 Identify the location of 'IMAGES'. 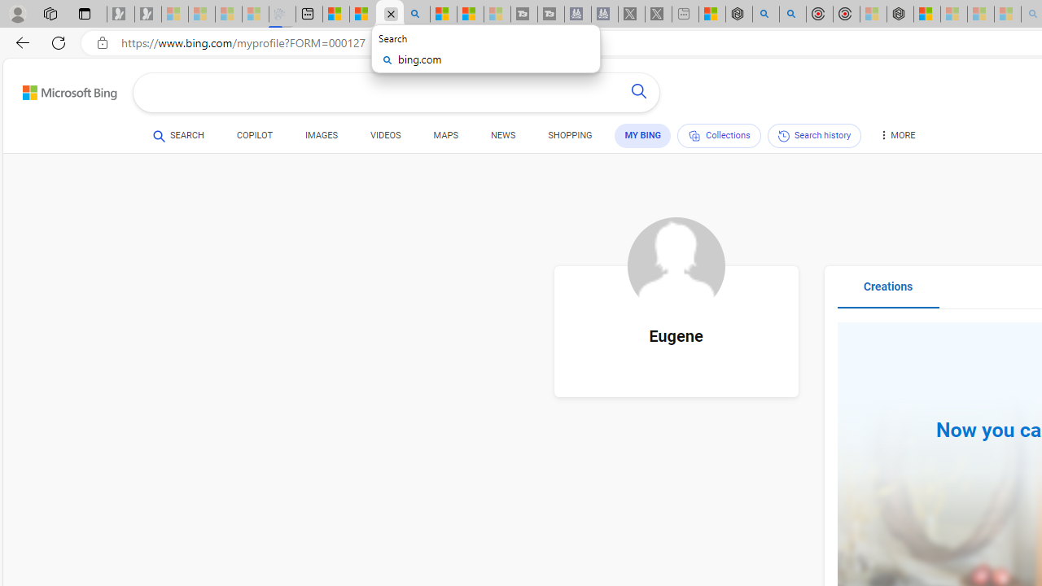
(321, 135).